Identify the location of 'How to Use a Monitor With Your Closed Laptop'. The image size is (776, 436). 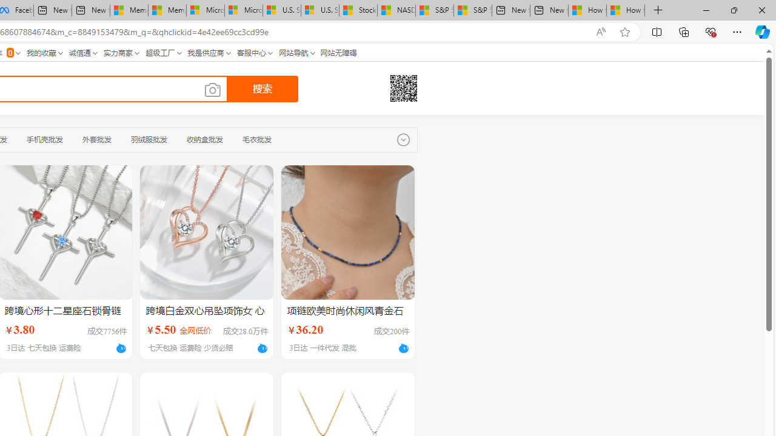
(626, 10).